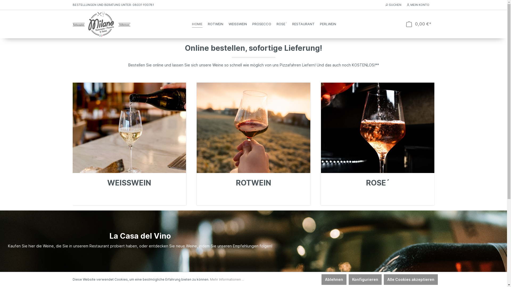  I want to click on 'Konfigurieren', so click(365, 279).